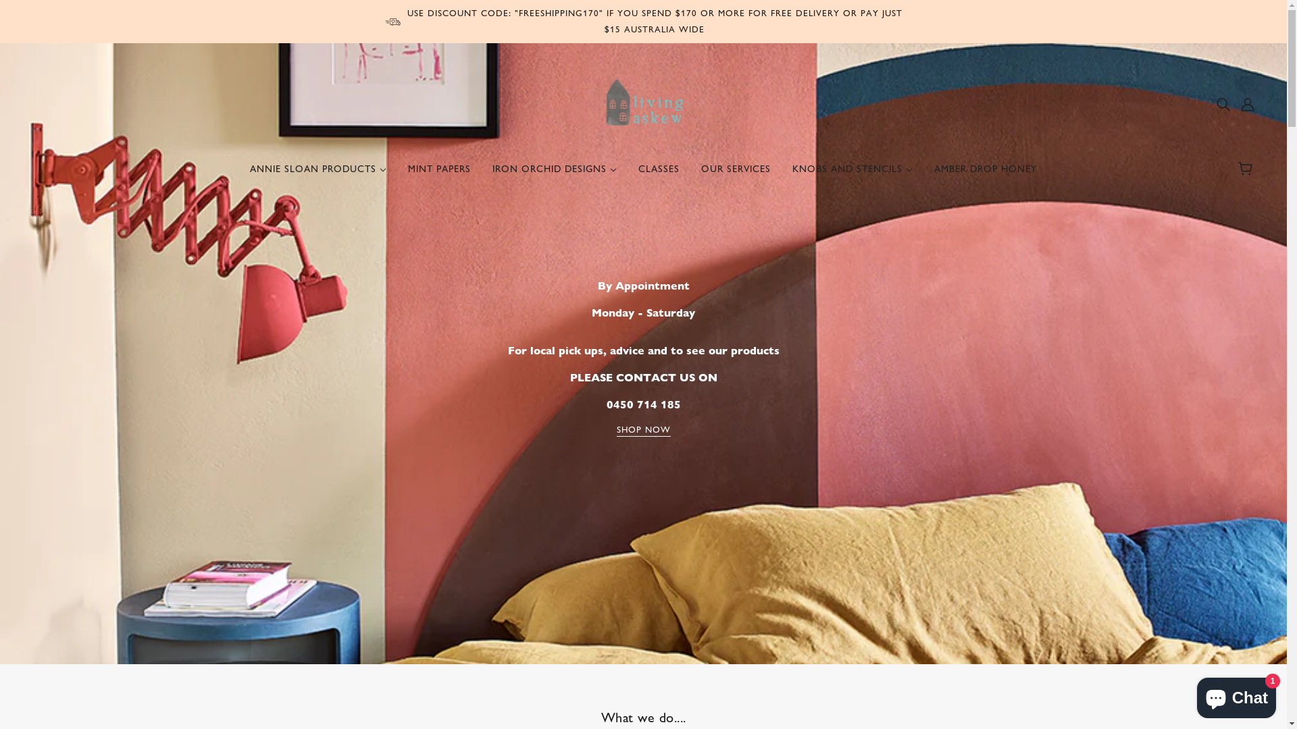  Describe the element at coordinates (735, 173) in the screenshot. I see `'OUR SERVICES'` at that location.